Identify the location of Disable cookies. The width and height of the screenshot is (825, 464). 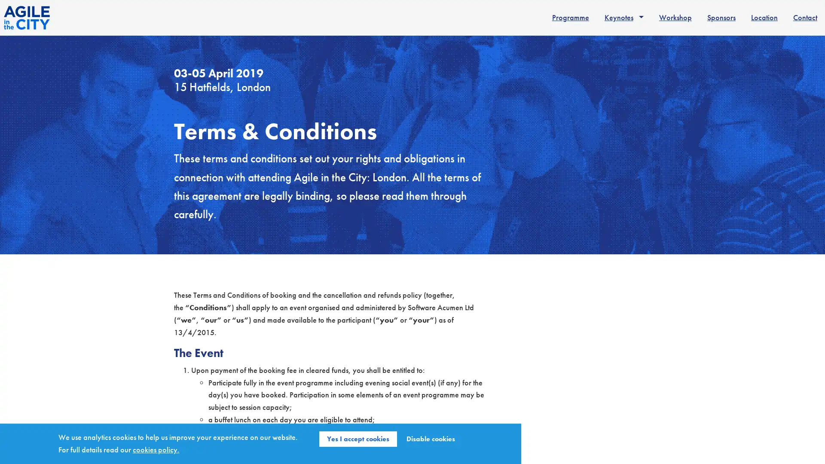
(431, 439).